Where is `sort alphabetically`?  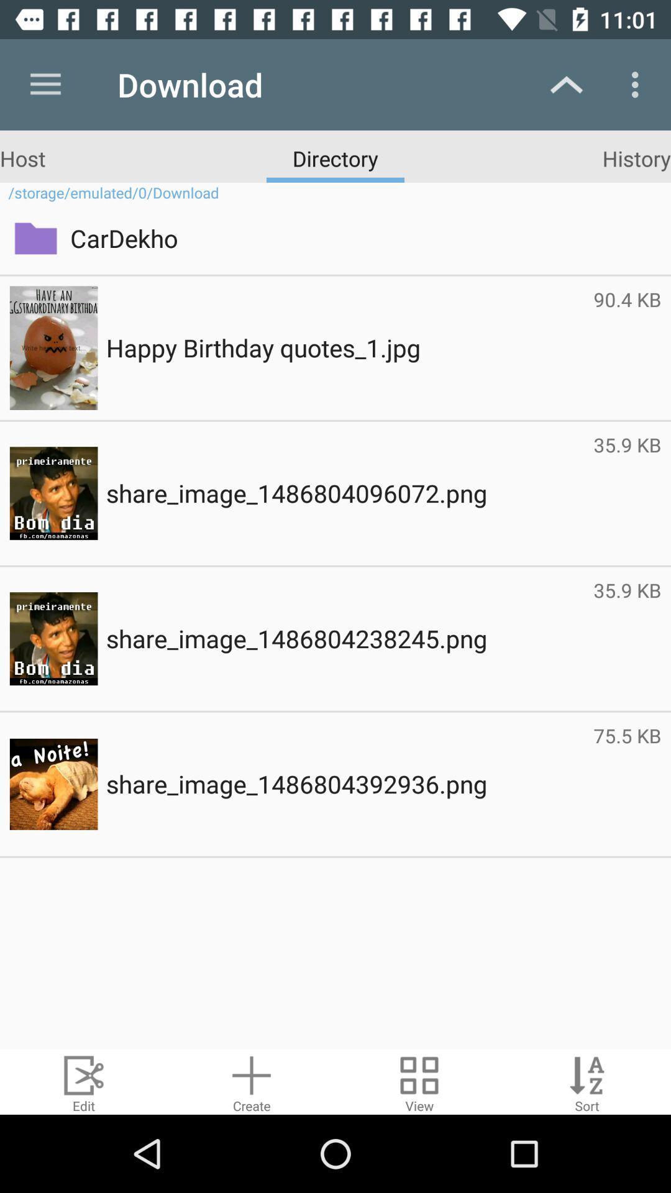 sort alphabetically is located at coordinates (587, 1081).